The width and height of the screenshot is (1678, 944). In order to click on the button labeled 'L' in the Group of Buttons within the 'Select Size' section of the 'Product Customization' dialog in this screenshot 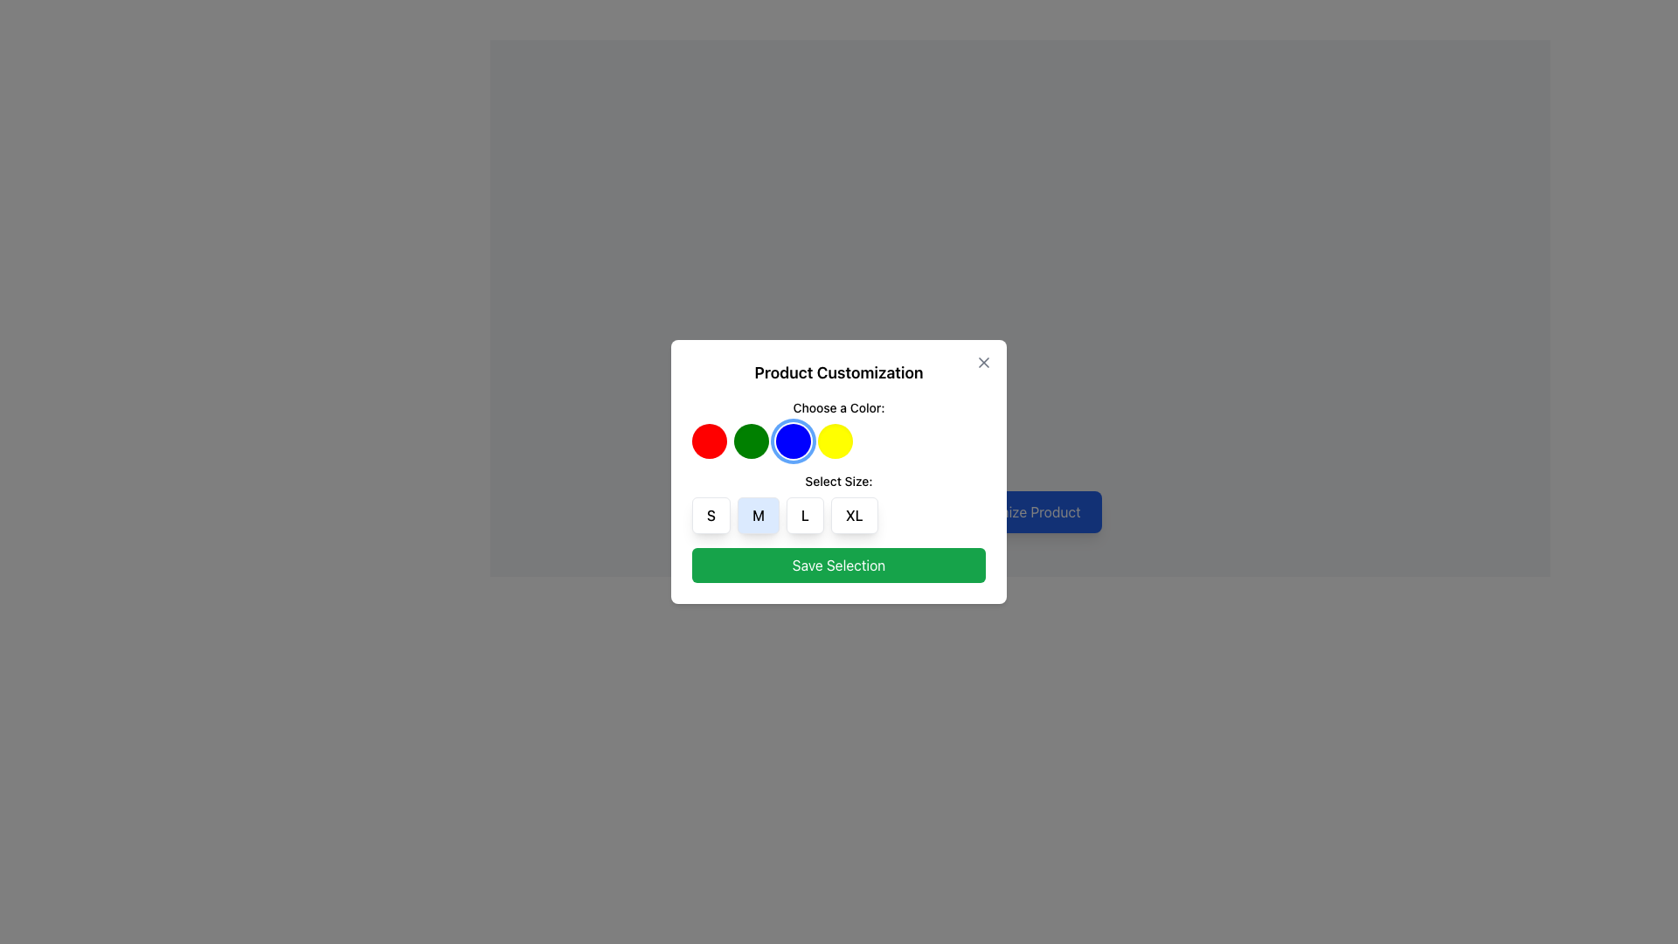, I will do `click(839, 515)`.